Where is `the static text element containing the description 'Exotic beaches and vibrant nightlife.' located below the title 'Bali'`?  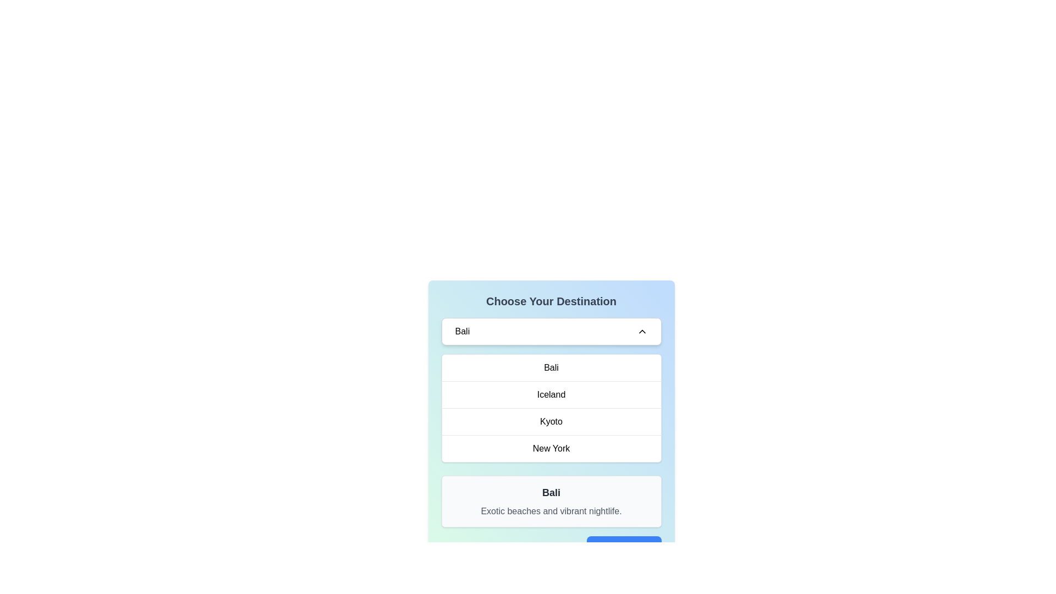
the static text element containing the description 'Exotic beaches and vibrant nightlife.' located below the title 'Bali' is located at coordinates (551, 511).